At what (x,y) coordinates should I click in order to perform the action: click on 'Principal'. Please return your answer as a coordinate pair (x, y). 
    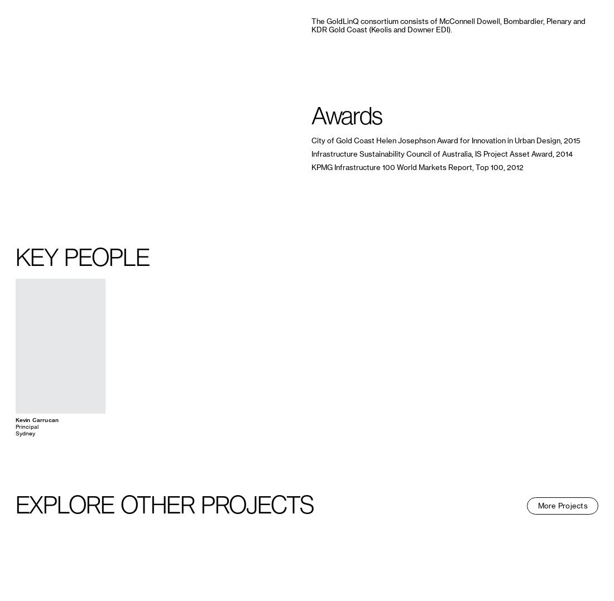
    Looking at the image, I should click on (26, 426).